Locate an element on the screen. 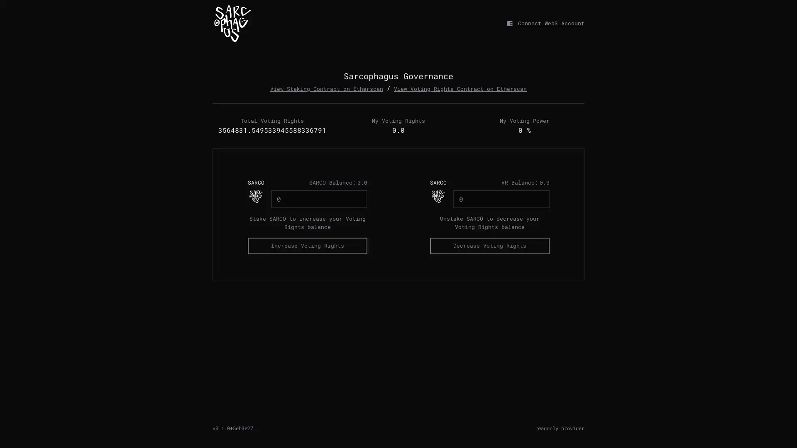 The height and width of the screenshot is (448, 797). Connect Web3 Account is located at coordinates (551, 23).